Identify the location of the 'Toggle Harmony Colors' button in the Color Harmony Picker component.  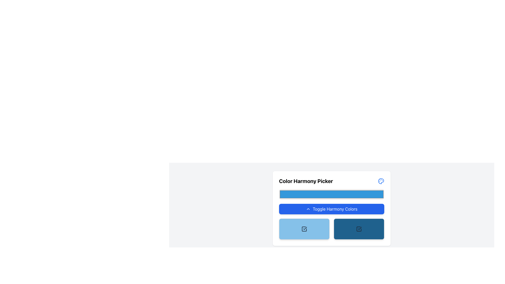
(331, 208).